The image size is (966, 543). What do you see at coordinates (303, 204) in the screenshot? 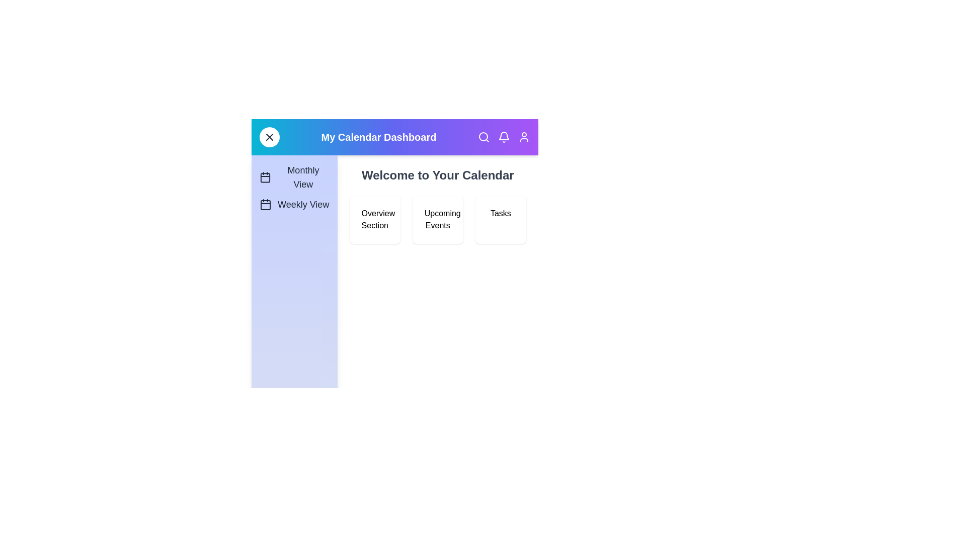
I see `the Text label in the second position of the vertical navigation menu on the left` at bounding box center [303, 204].